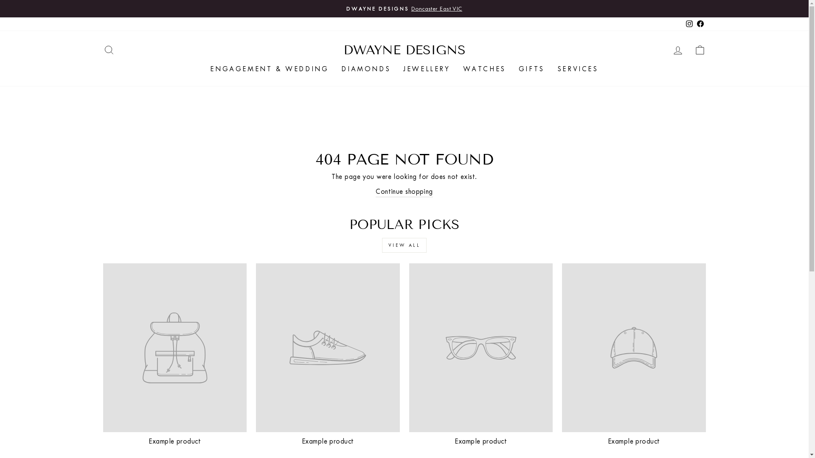 The width and height of the screenshot is (815, 458). I want to click on 'JEWELLERY', so click(426, 68).